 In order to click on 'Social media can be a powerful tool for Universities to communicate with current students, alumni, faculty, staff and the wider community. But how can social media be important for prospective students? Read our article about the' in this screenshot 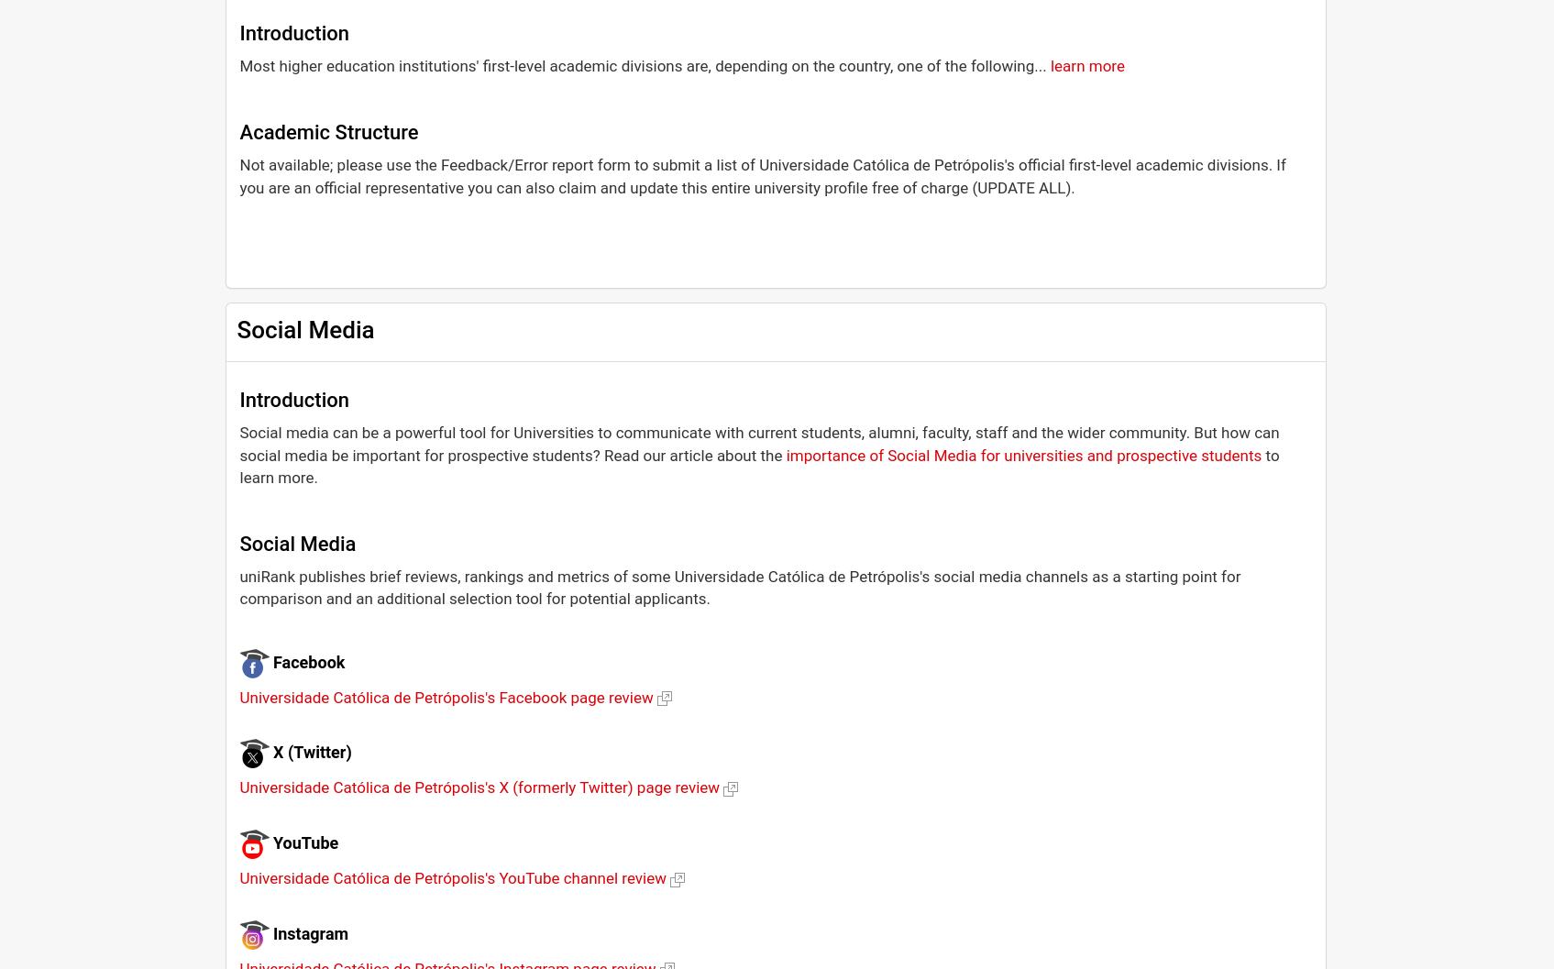, I will do `click(759, 444)`.